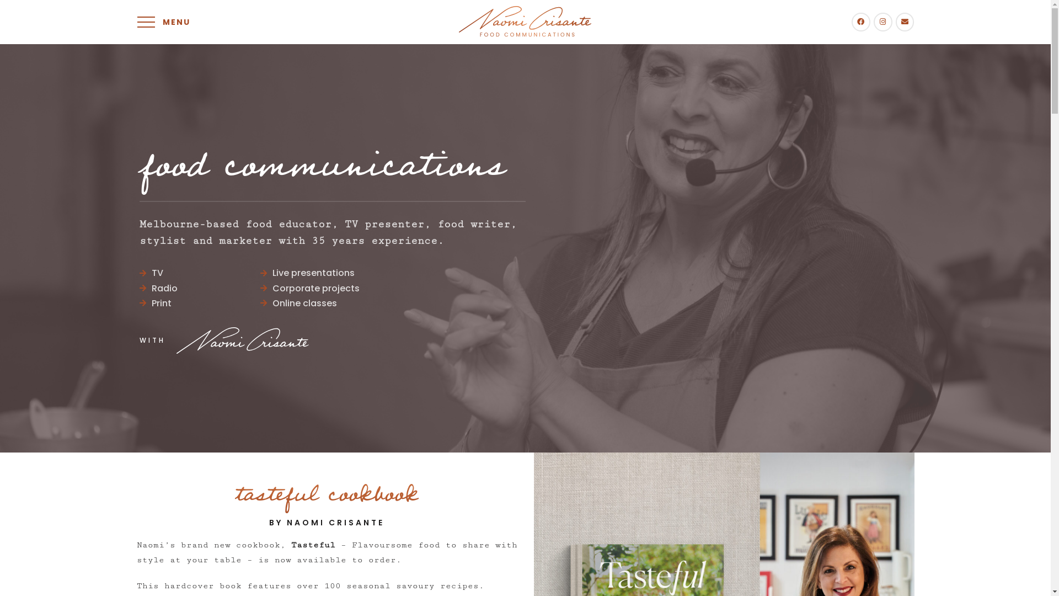 This screenshot has height=596, width=1059. What do you see at coordinates (176, 340) in the screenshot?
I see `'ncsigwhite.svg'` at bounding box center [176, 340].